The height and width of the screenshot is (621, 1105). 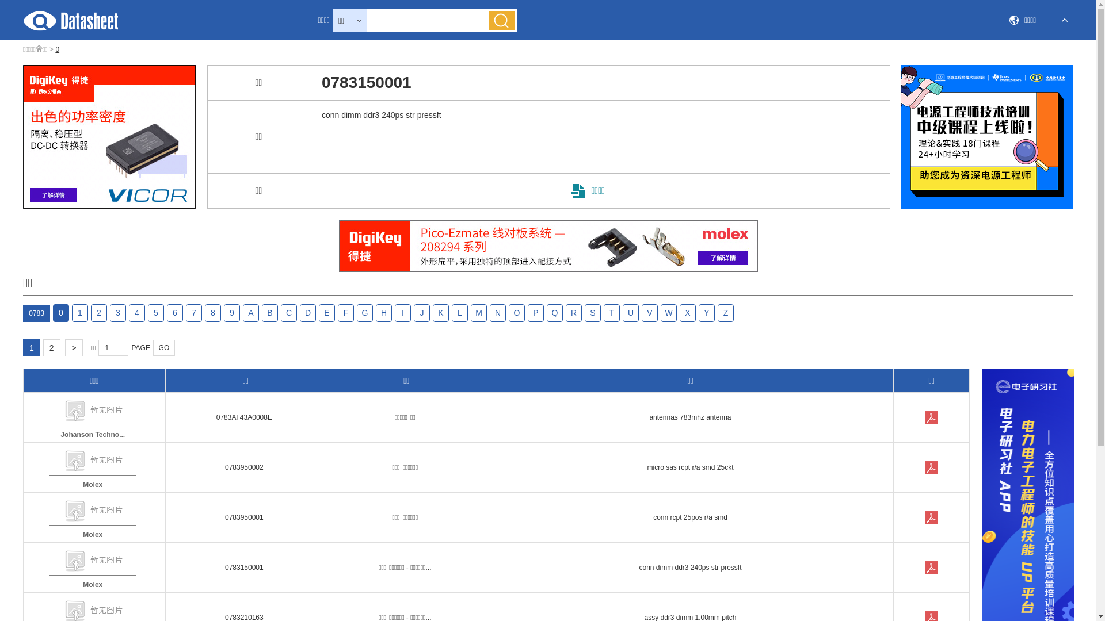 What do you see at coordinates (326, 313) in the screenshot?
I see `'E'` at bounding box center [326, 313].